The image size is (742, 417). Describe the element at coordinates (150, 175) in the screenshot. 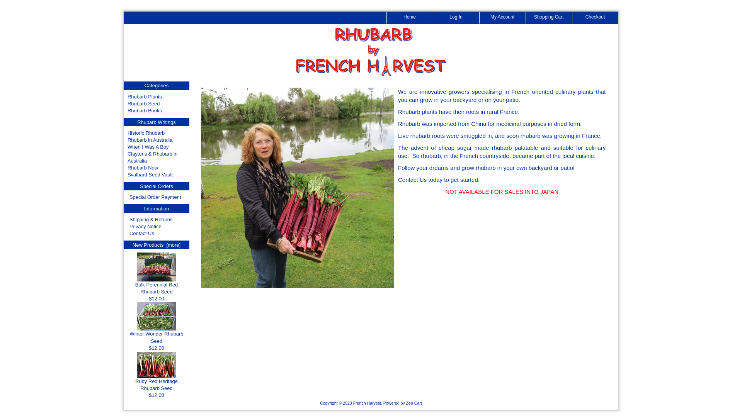

I see `'Svalbard Seed Vault'` at that location.